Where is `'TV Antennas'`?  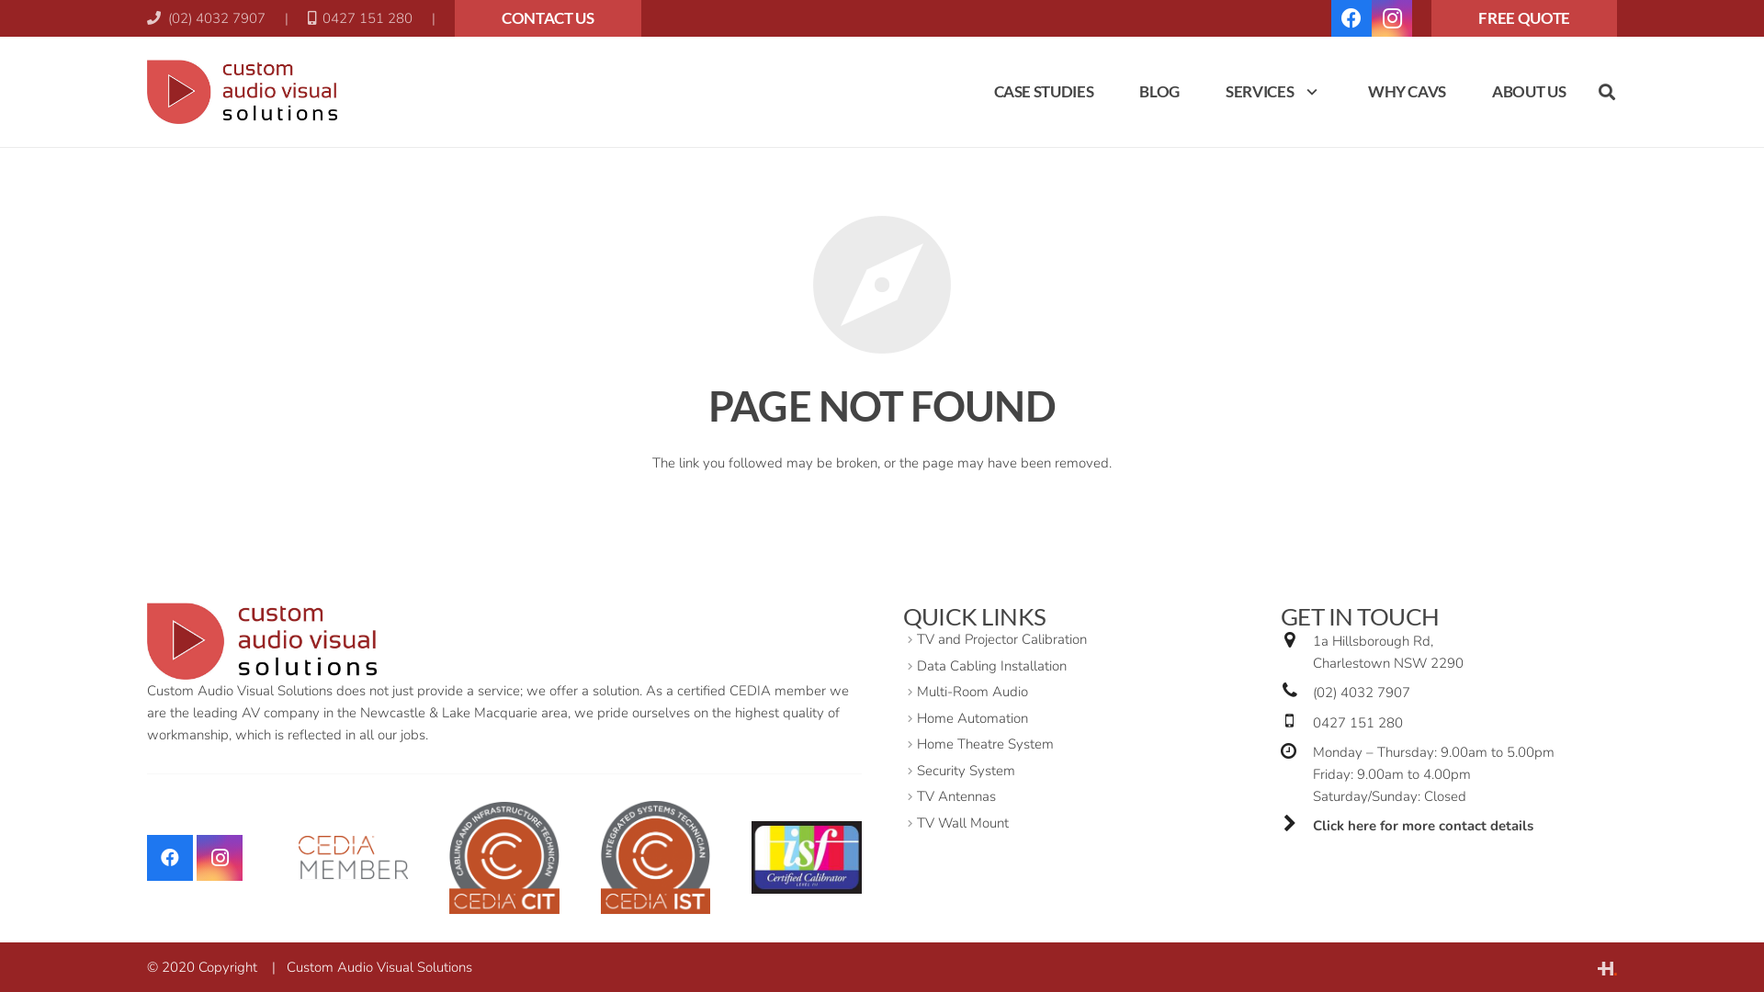
'TV Antennas' is located at coordinates (955, 795).